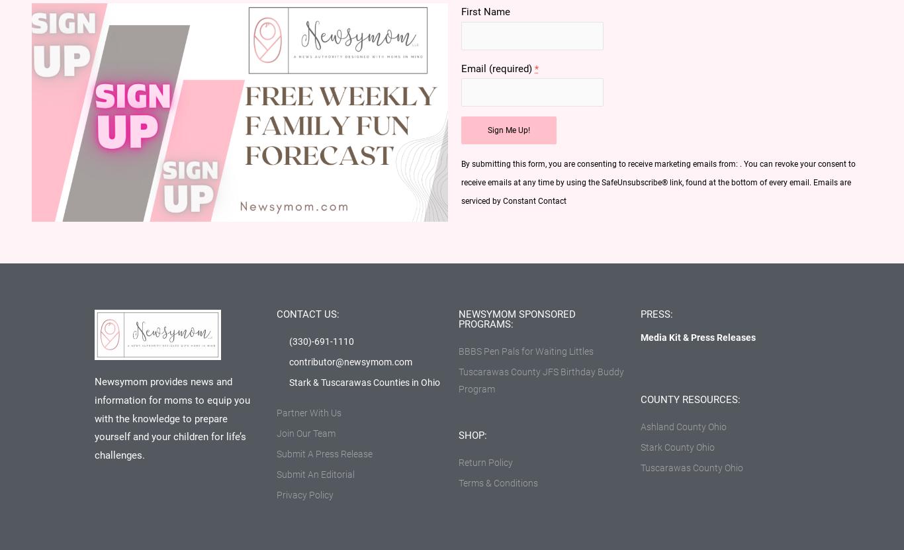 The width and height of the screenshot is (904, 550). What do you see at coordinates (365, 381) in the screenshot?
I see `'Stark & Tuscarawas Counties in Ohio'` at bounding box center [365, 381].